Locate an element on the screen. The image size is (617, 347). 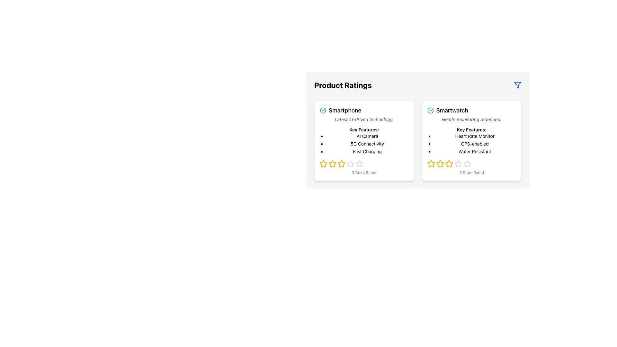
the fourth star icon in the rating section of the Smartwatch card to indicate a rating of four stars is located at coordinates (458, 163).